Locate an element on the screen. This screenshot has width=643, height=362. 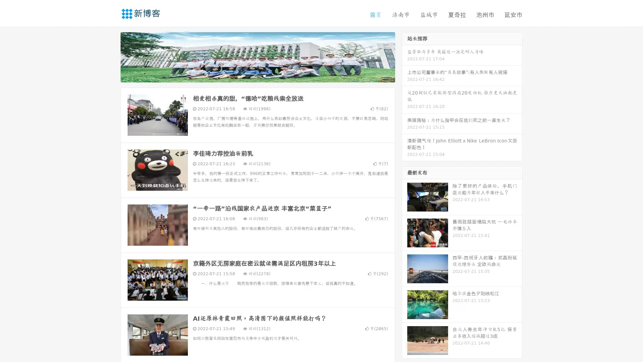
Go to slide 2 is located at coordinates (257, 75).